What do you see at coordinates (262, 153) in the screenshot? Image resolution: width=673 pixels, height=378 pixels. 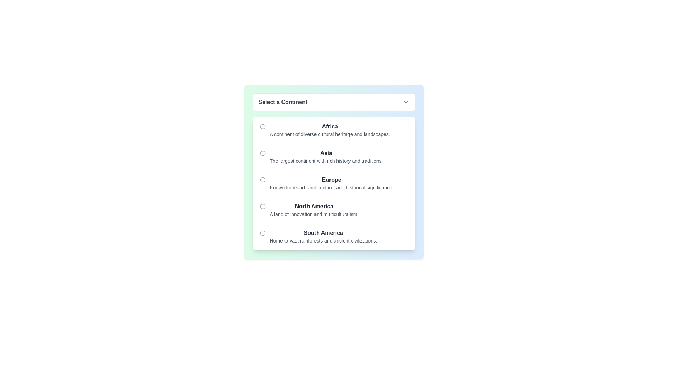 I see `the information icon located to the left of the title text 'Asia'` at bounding box center [262, 153].